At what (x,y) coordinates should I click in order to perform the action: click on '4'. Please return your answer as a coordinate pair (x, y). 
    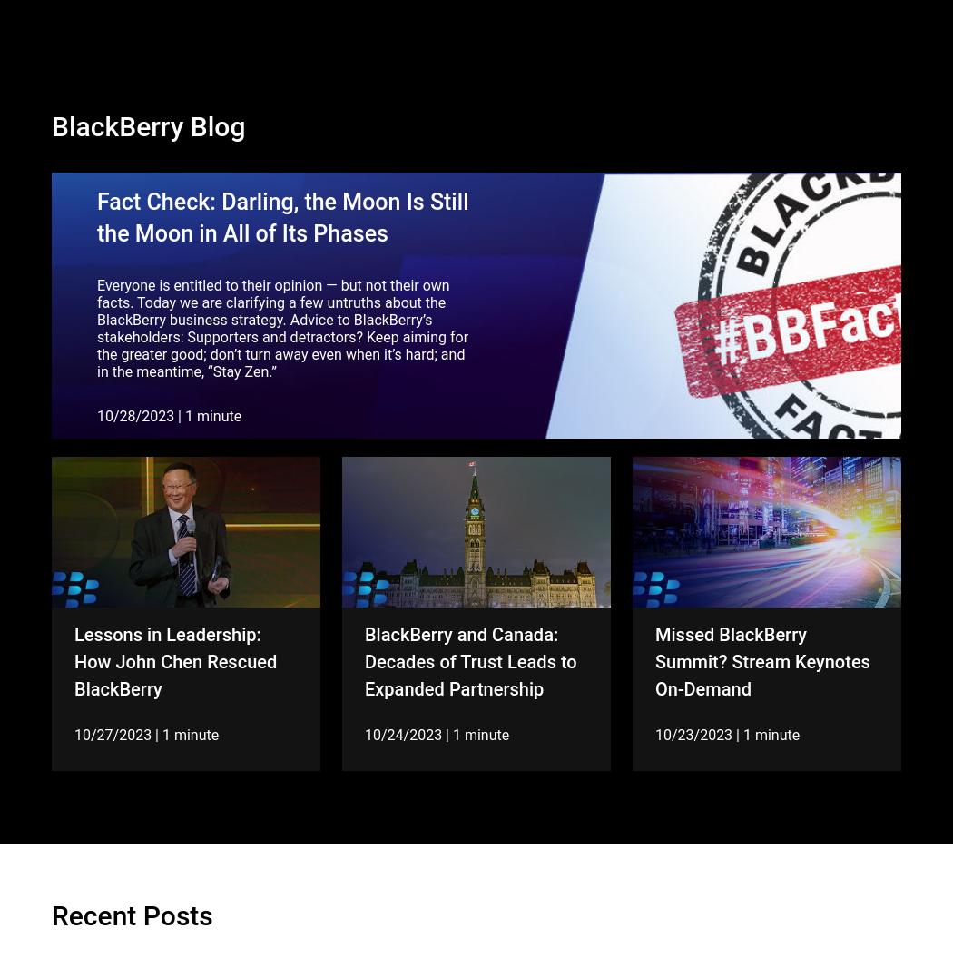
    Looking at the image, I should click on (307, 878).